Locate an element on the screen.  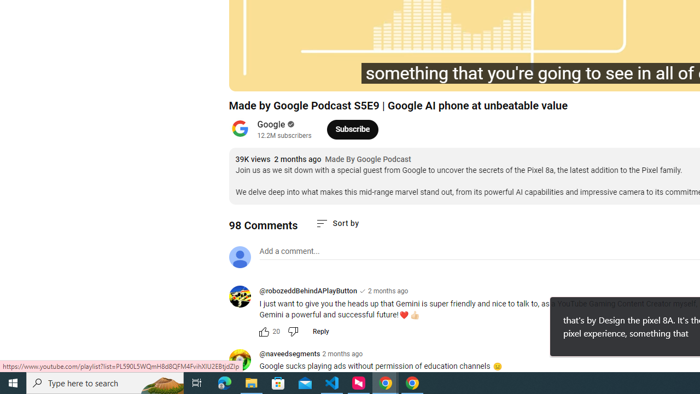
'Reply' is located at coordinates (320, 331).